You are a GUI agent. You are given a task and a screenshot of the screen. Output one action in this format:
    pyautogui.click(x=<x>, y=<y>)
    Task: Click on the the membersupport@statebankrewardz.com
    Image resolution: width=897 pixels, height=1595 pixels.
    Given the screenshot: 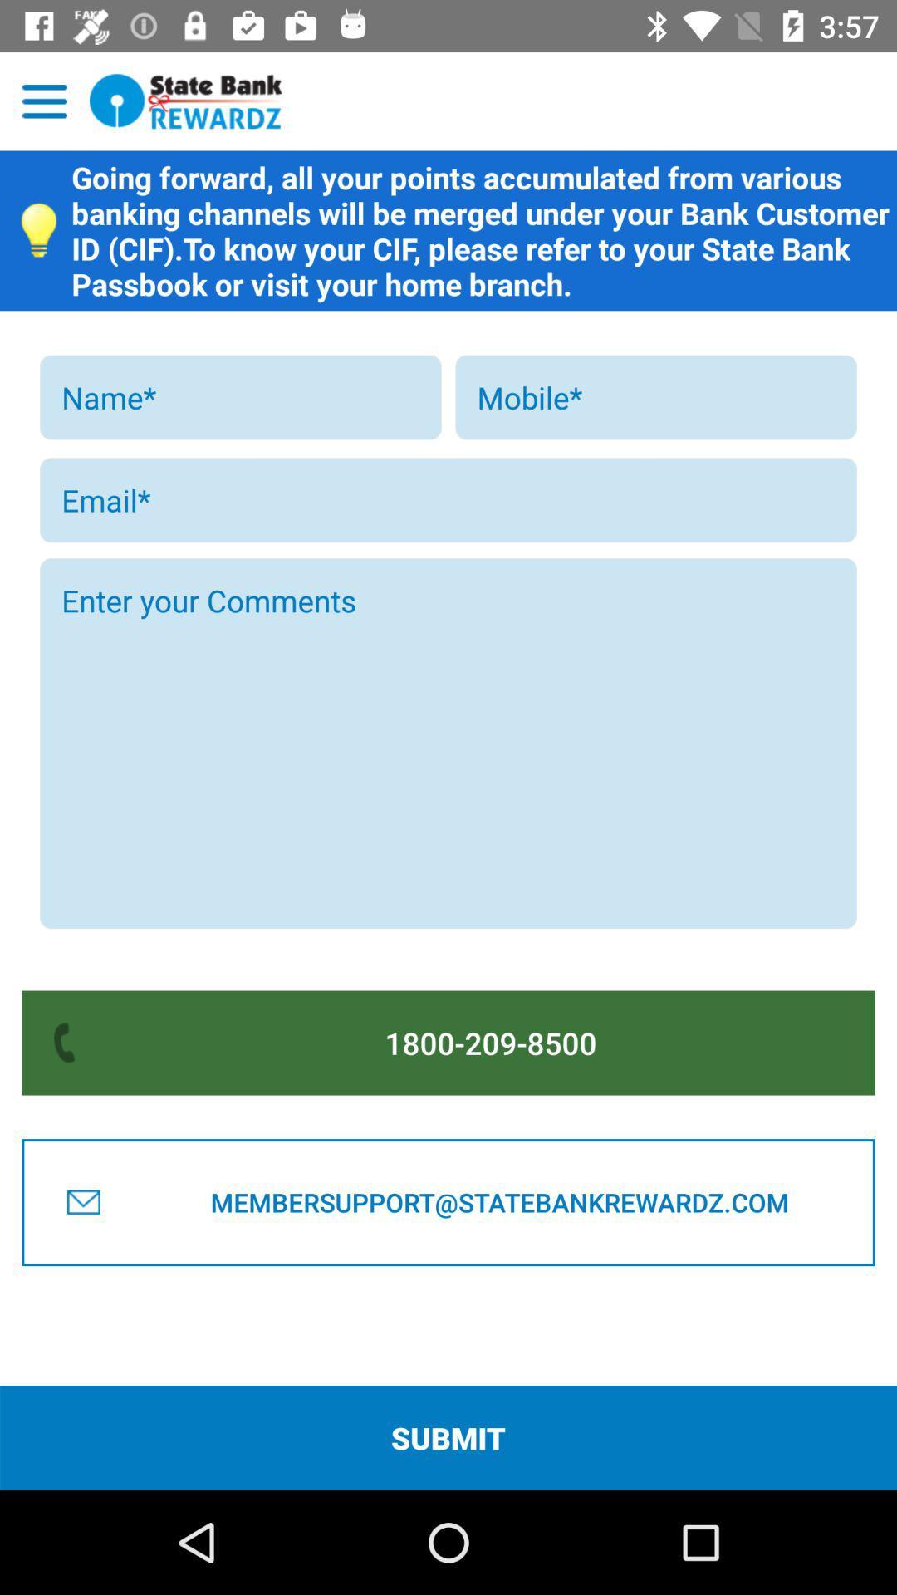 What is the action you would take?
    pyautogui.click(x=498, y=1202)
    